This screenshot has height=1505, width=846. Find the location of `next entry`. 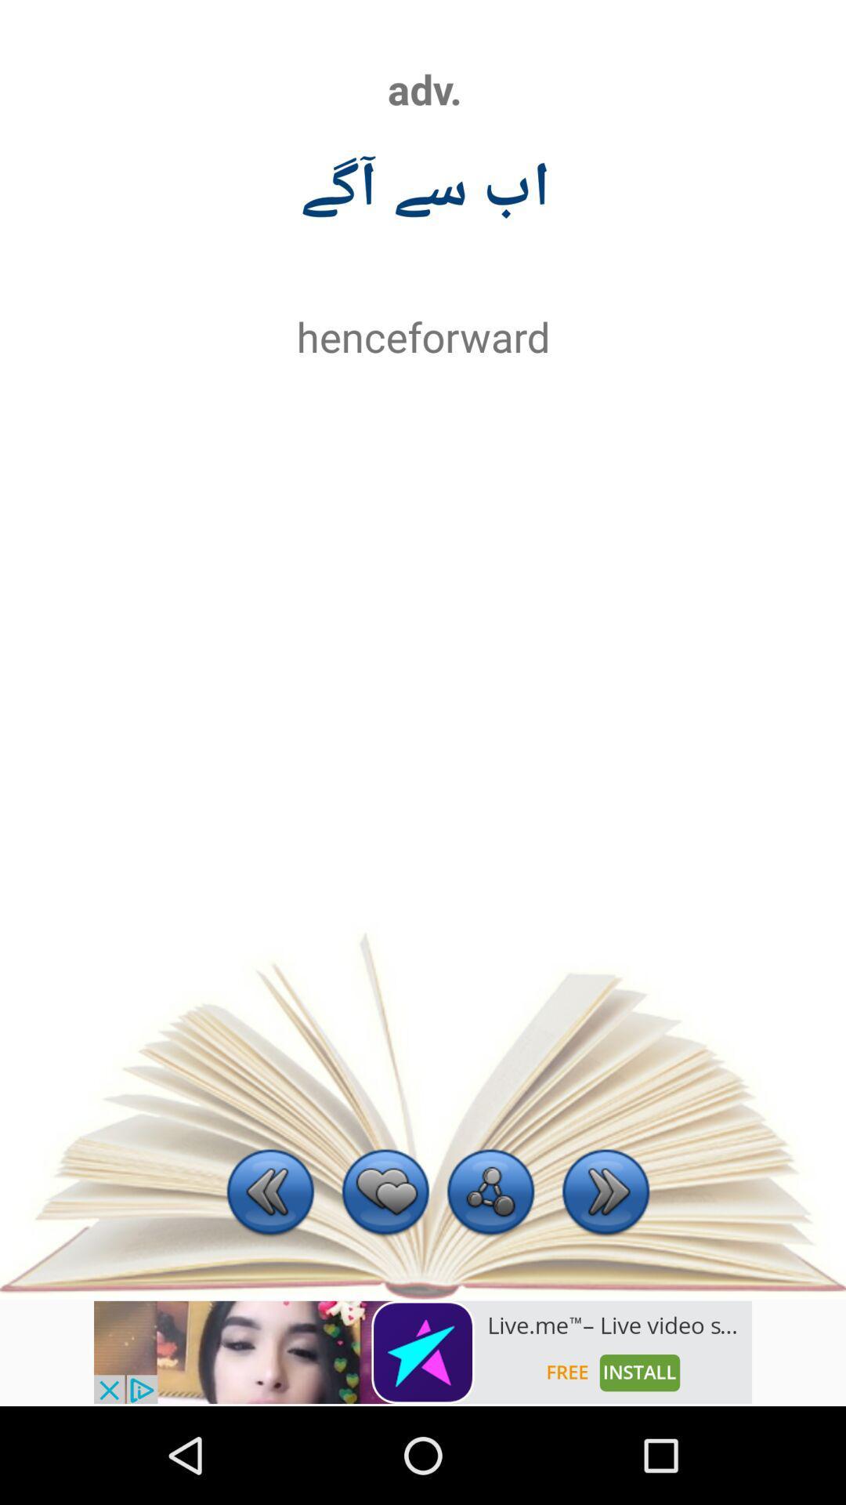

next entry is located at coordinates (605, 1193).